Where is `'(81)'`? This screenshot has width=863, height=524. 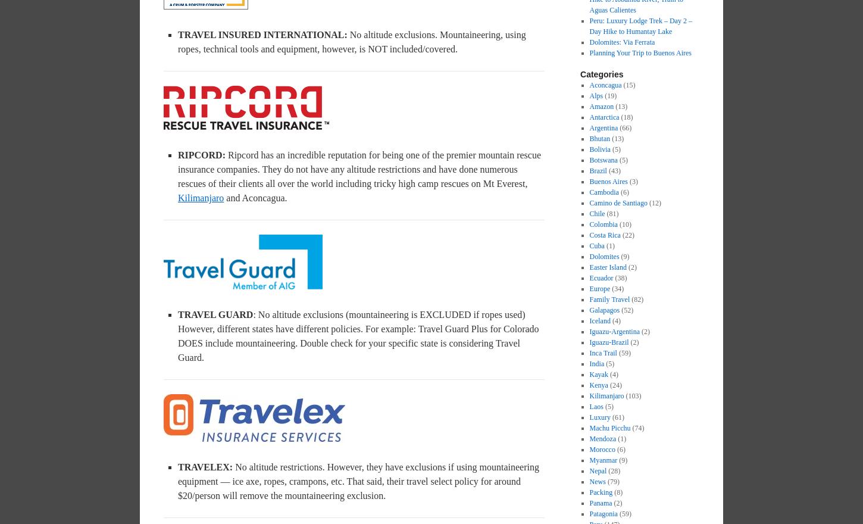
'(81)' is located at coordinates (605, 214).